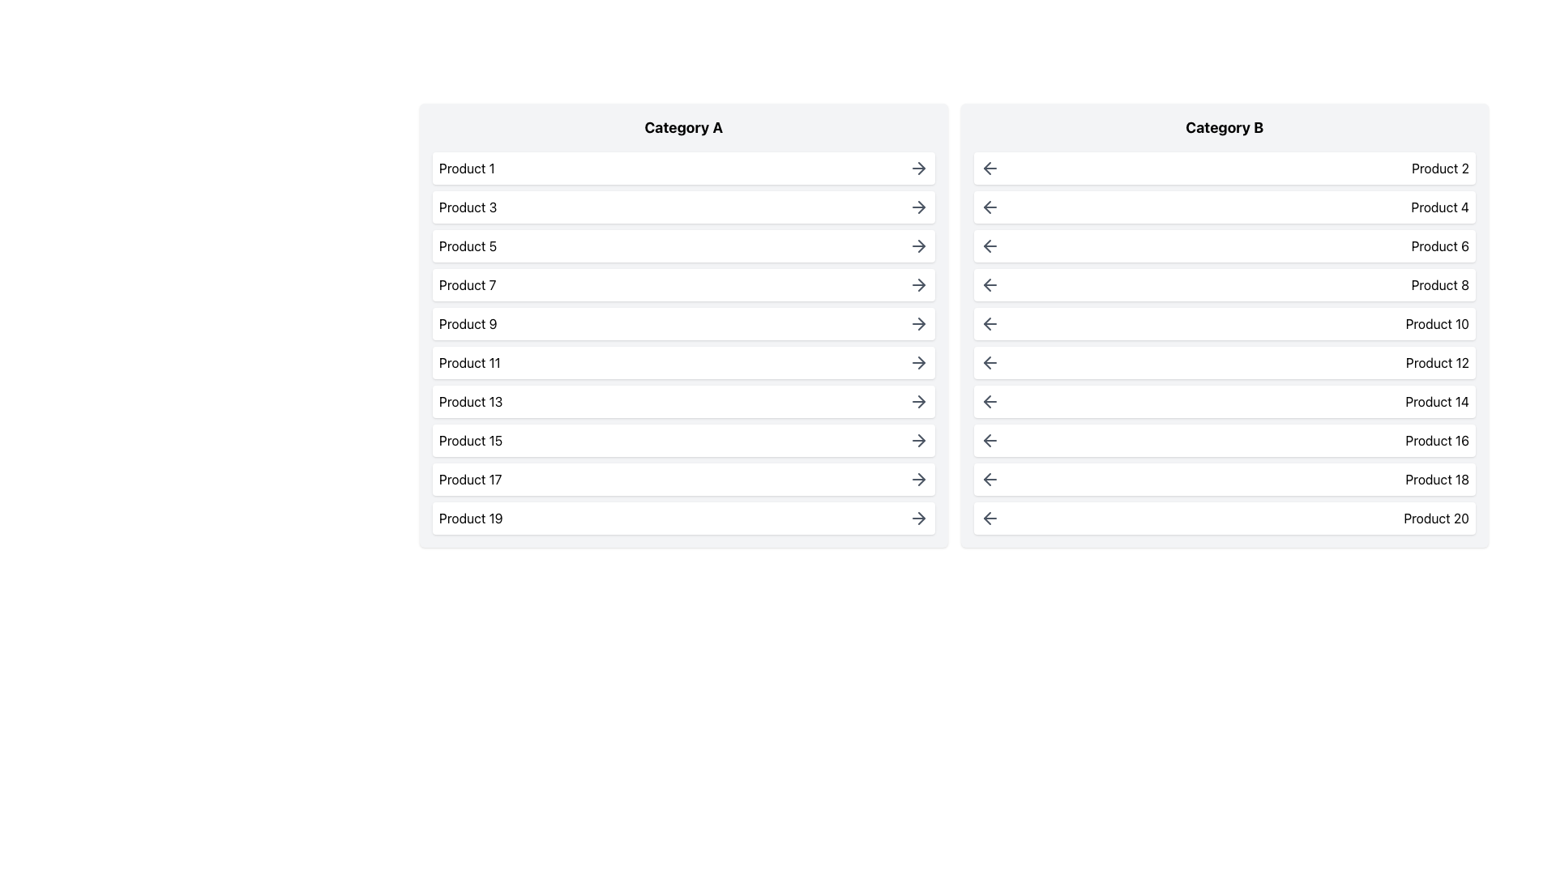 This screenshot has width=1556, height=875. Describe the element at coordinates (683, 343) in the screenshot. I see `an individual product in the List Display under 'Category A' to get more information` at that location.